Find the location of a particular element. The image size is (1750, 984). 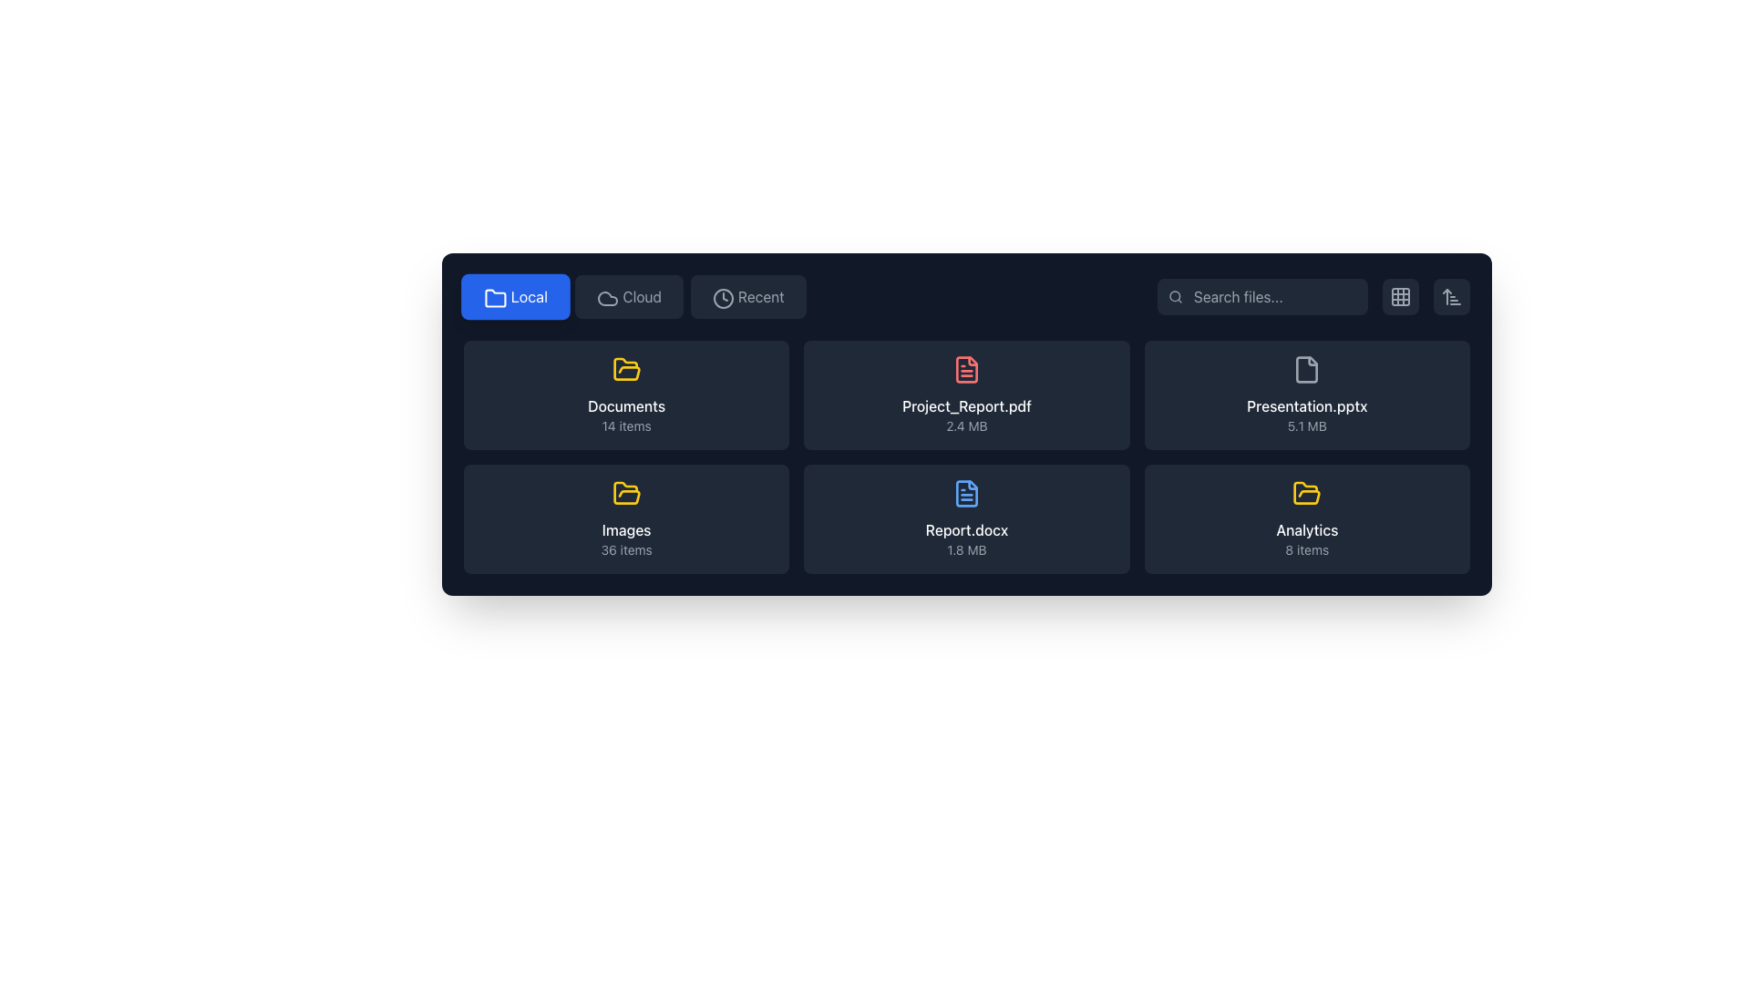

the cloud-shaped icon that is part of the 'Cloud' button, located to the left of the 'Cloud' label in the top-center portion of the interface is located at coordinates (606, 296).